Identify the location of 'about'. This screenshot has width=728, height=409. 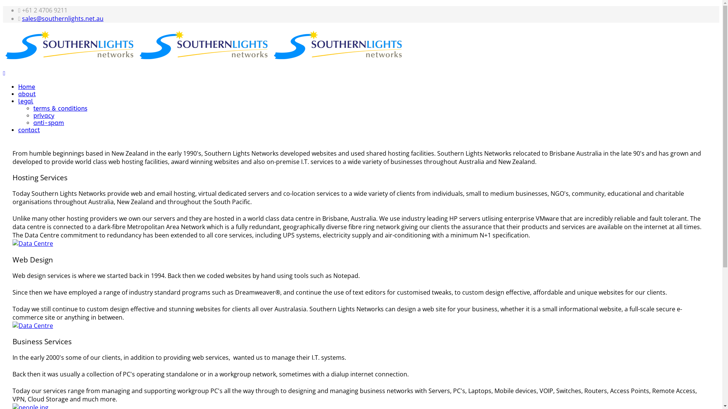
(27, 94).